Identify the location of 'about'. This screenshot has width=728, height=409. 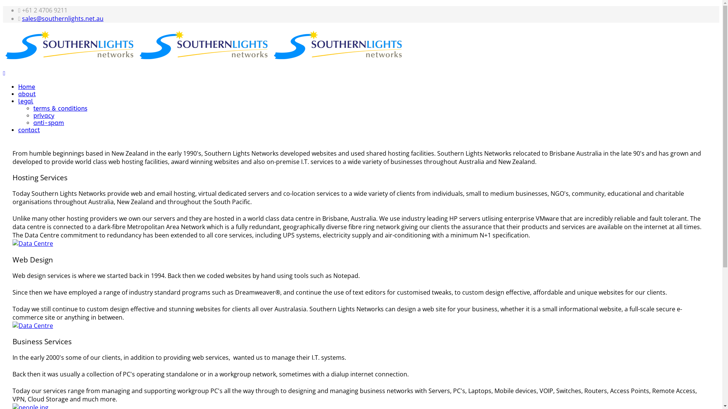
(27, 94).